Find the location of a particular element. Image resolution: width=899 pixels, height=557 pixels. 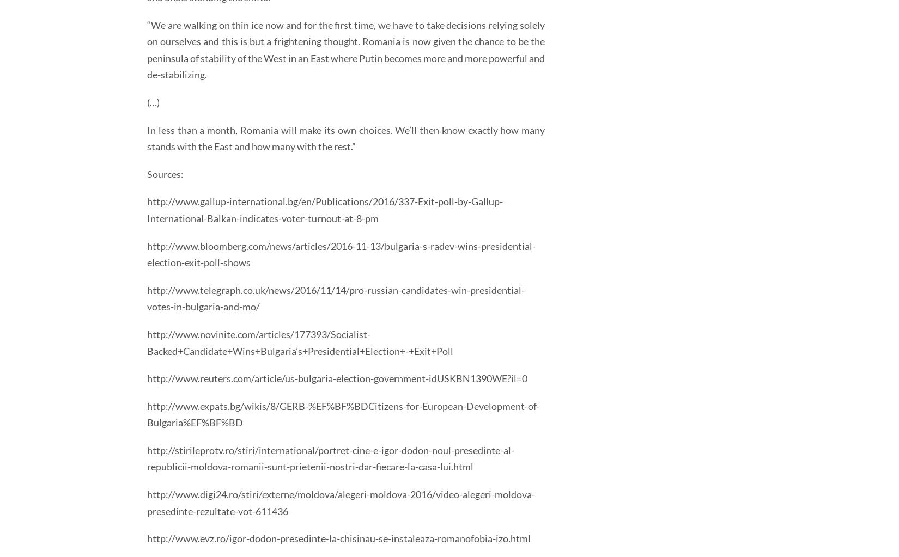

'“We are walking on thin ice now and for the first time, we have to take decisions relying solely on ourselves and this is but a frightening thought. Romania is now given the chance to be the peninsula of stability of the West in an East where Putin becomes more and more powerful and de-stabilizing.' is located at coordinates (147, 50).